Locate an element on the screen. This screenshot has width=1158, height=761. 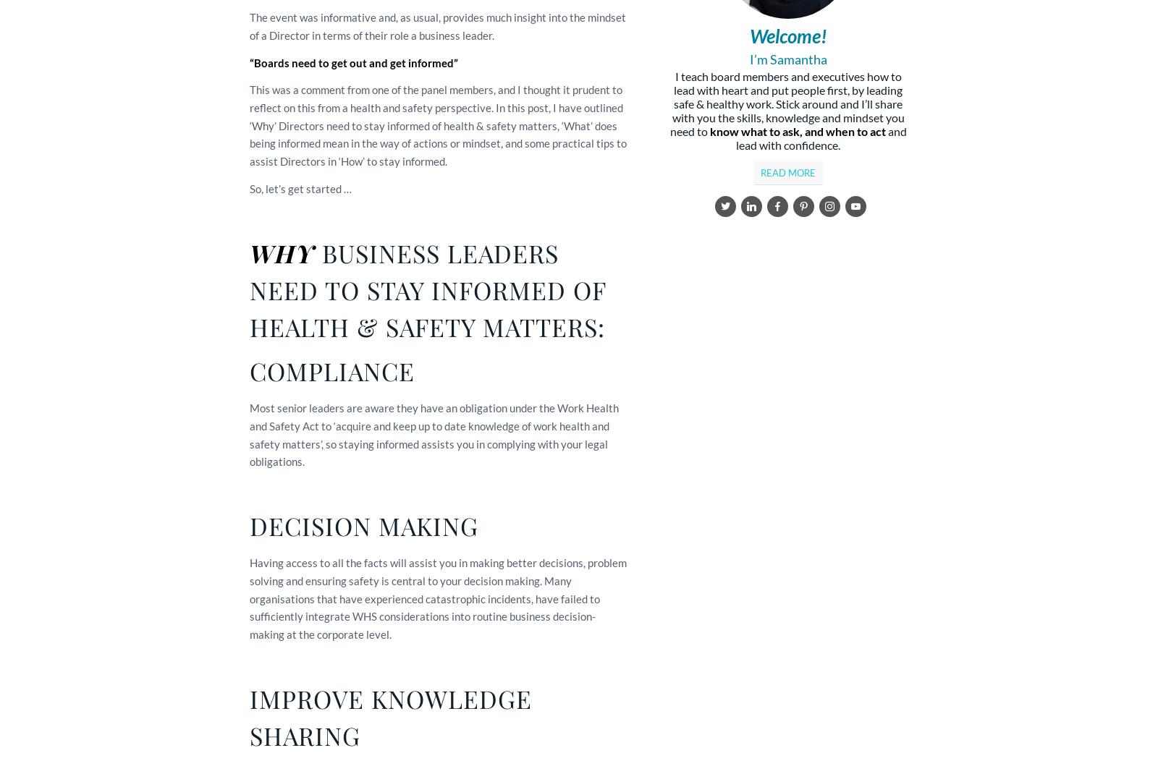
'Compliance' is located at coordinates (331, 370).